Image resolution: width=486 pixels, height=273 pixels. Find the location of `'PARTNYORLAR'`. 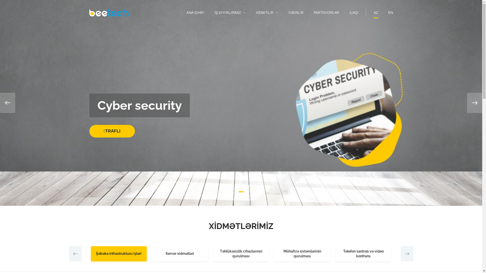

'PARTNYORLAR' is located at coordinates (326, 12).